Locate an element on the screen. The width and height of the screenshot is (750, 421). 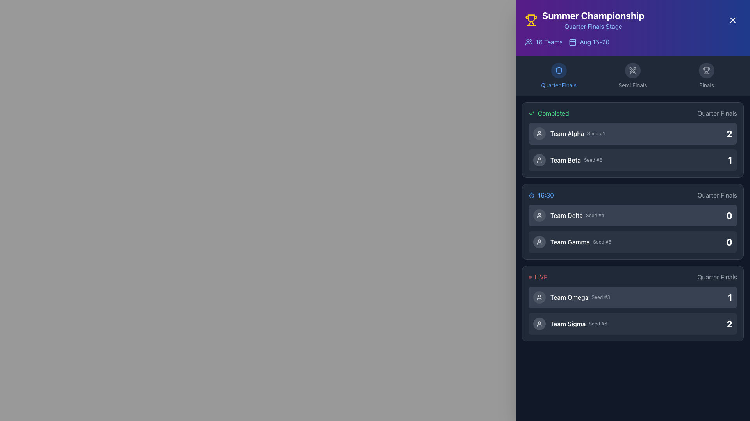
the icon representing the 'Semi Finals' stage of the tournament is located at coordinates (632, 71).